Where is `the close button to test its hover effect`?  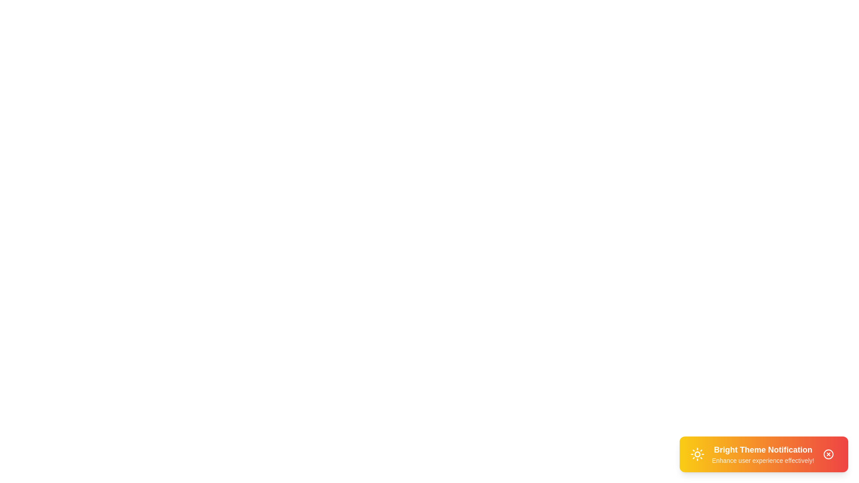 the close button to test its hover effect is located at coordinates (828, 454).